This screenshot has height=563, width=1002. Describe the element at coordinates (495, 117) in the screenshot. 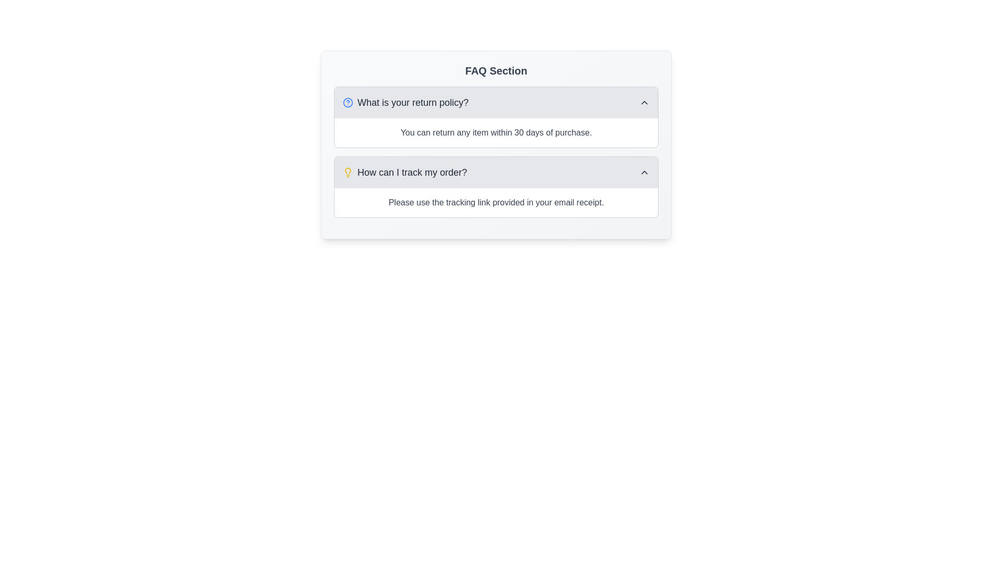

I see `the collapsible FAQ section titled 'What is your return policy?'` at that location.